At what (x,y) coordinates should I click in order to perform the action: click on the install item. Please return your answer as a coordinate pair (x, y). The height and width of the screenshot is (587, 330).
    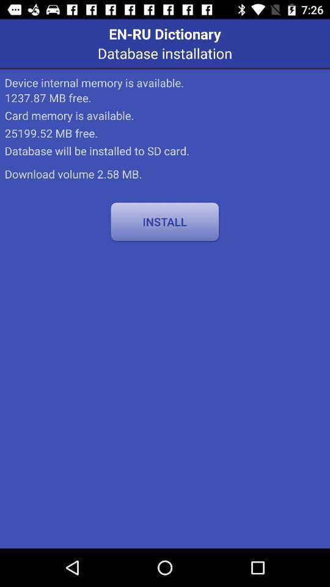
    Looking at the image, I should click on (164, 221).